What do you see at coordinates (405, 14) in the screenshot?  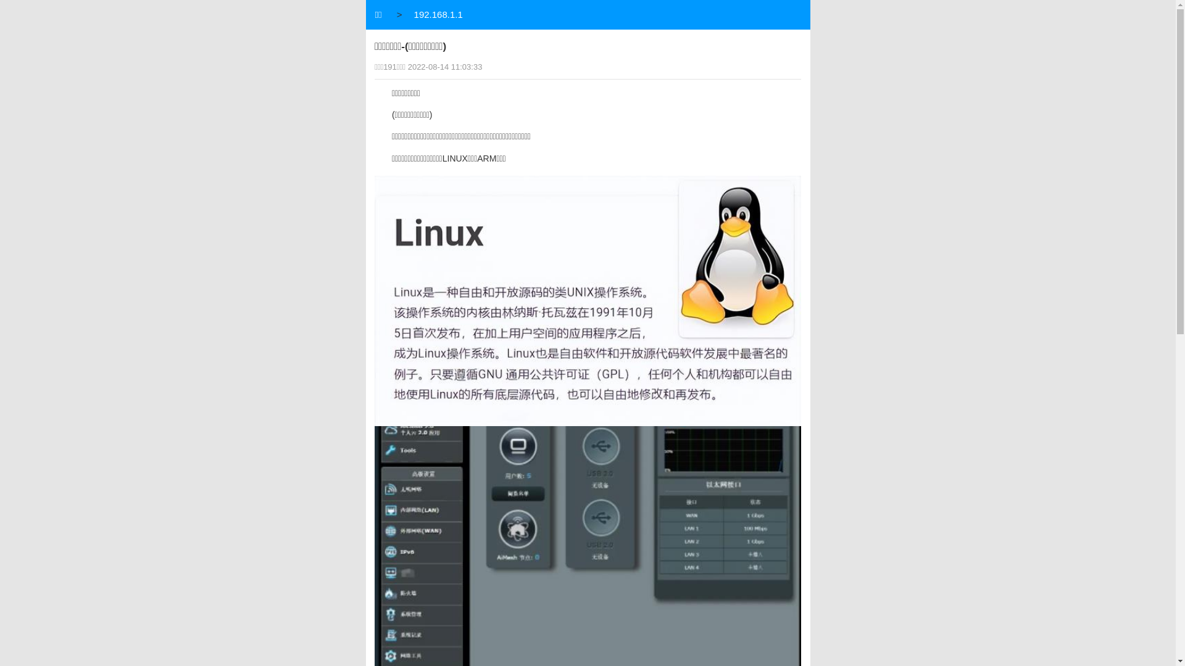 I see `'192.168.1.1'` at bounding box center [405, 14].